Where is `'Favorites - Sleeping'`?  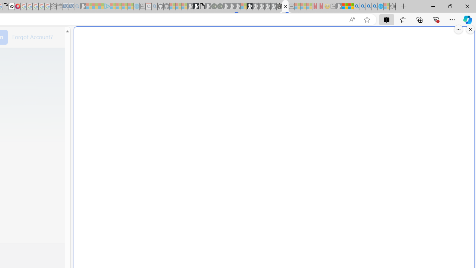 'Favorites - Sleeping' is located at coordinates (392, 6).